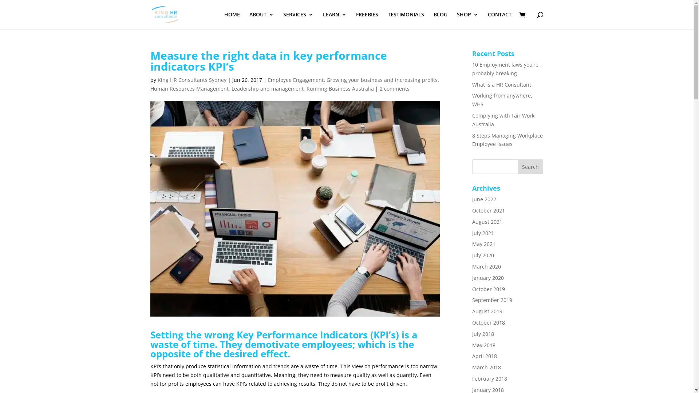 The image size is (699, 393). What do you see at coordinates (334, 20) in the screenshot?
I see `'LEARN'` at bounding box center [334, 20].